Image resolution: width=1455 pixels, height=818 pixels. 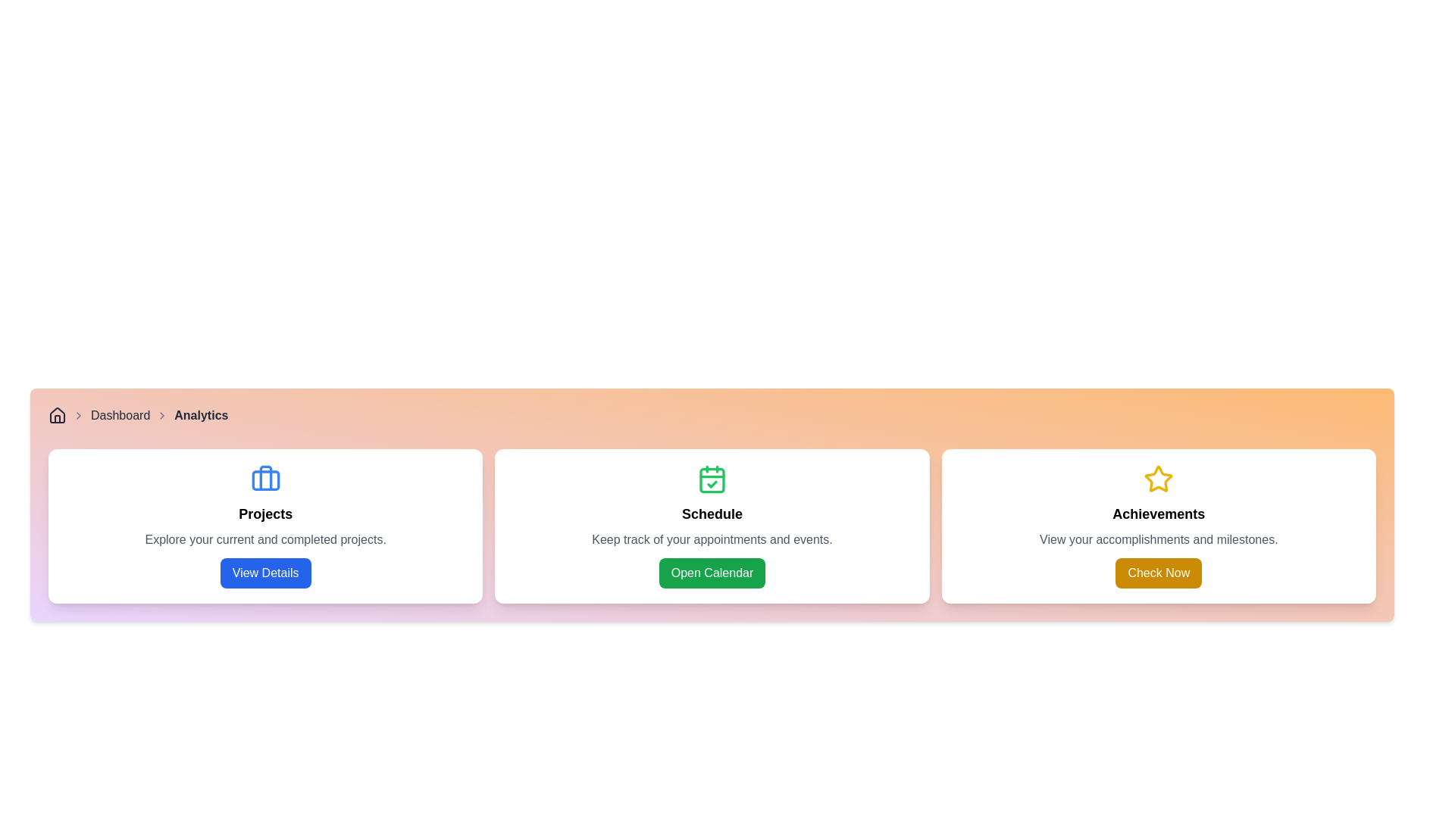 I want to click on the bold 'Schedule' text, which is styled in a large, serif font and located in the middle card of a three-card layout, directly below a green calendar icon, so click(x=712, y=513).